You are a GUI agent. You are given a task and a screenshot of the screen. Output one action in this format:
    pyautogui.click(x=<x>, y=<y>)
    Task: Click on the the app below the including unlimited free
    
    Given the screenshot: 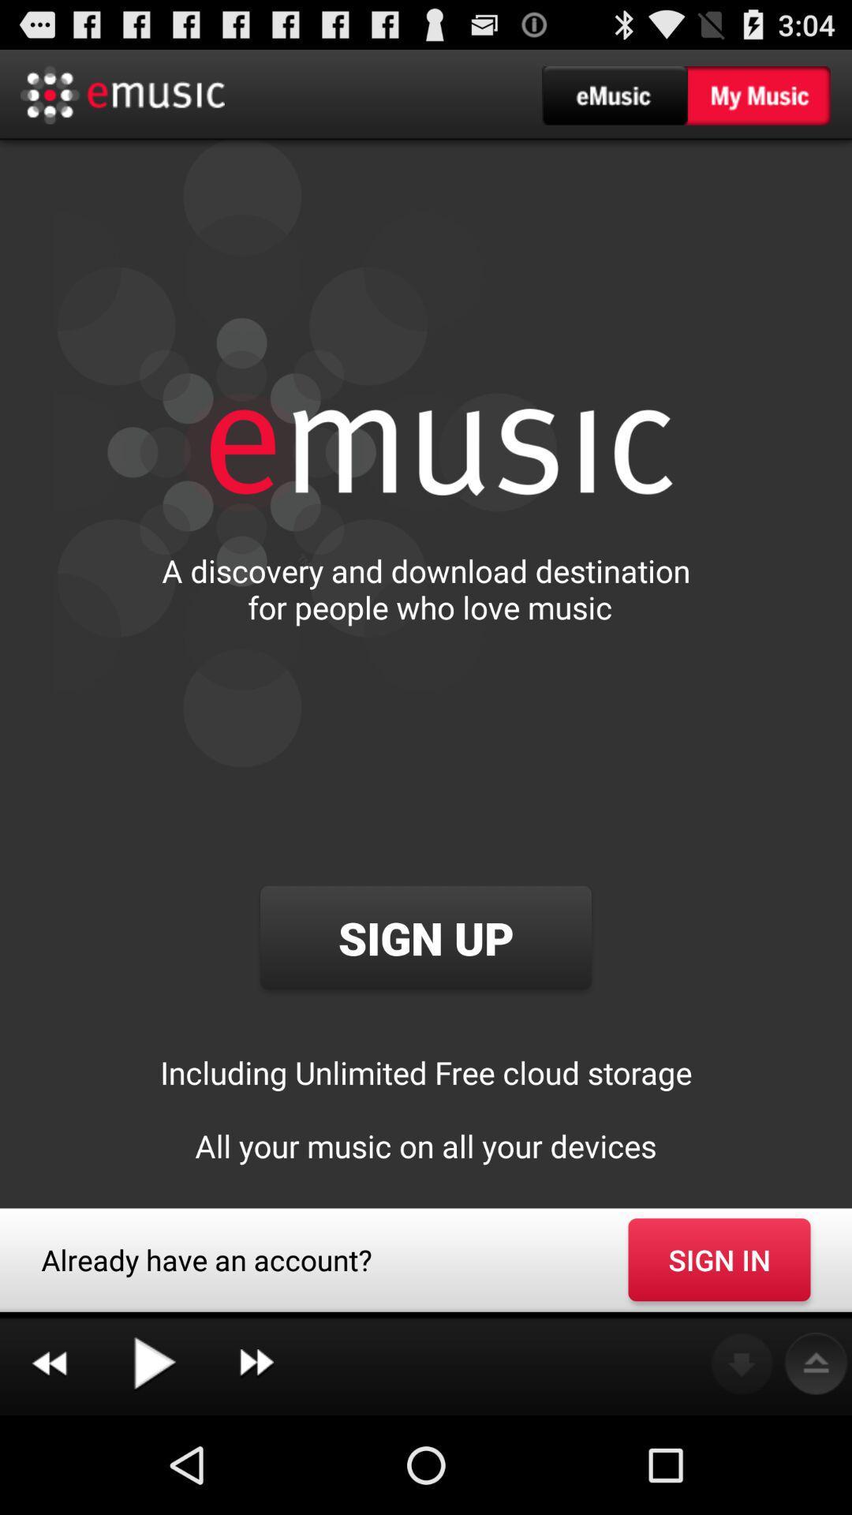 What is the action you would take?
    pyautogui.click(x=719, y=1259)
    